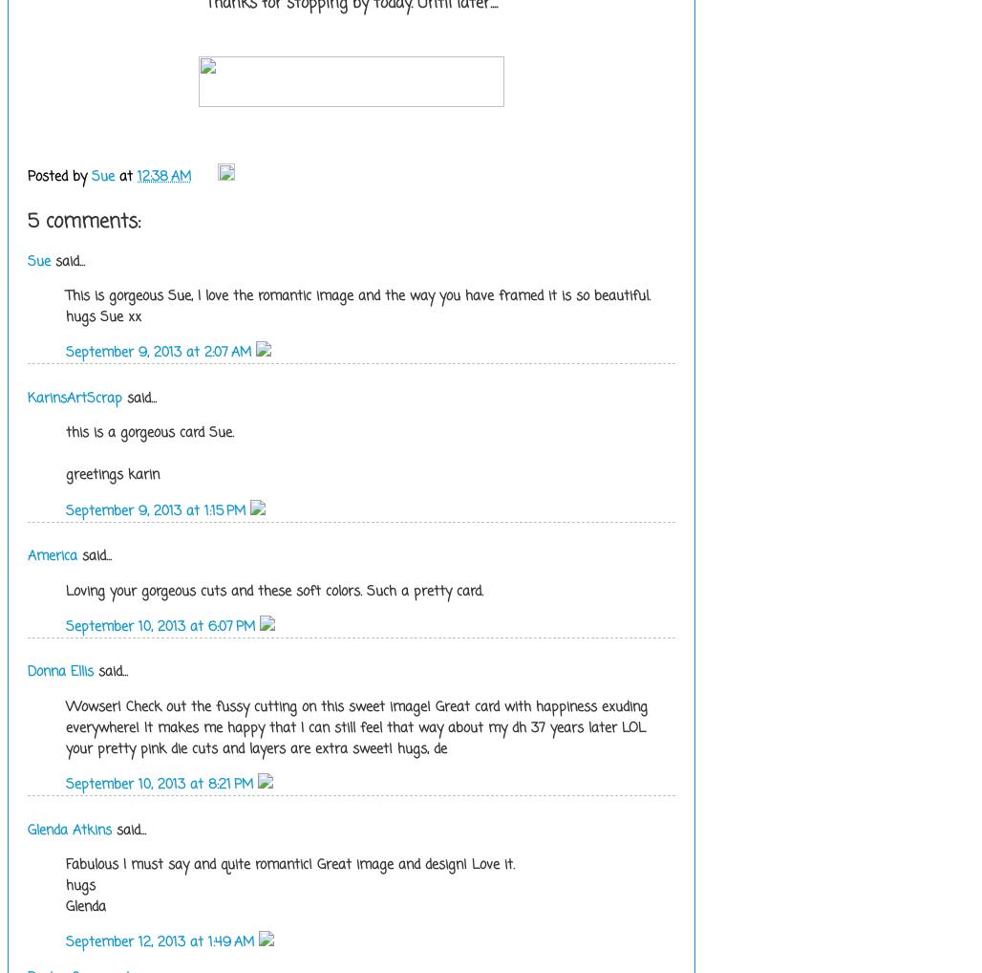 Image resolution: width=982 pixels, height=973 pixels. I want to click on 'Glenda', so click(84, 905).